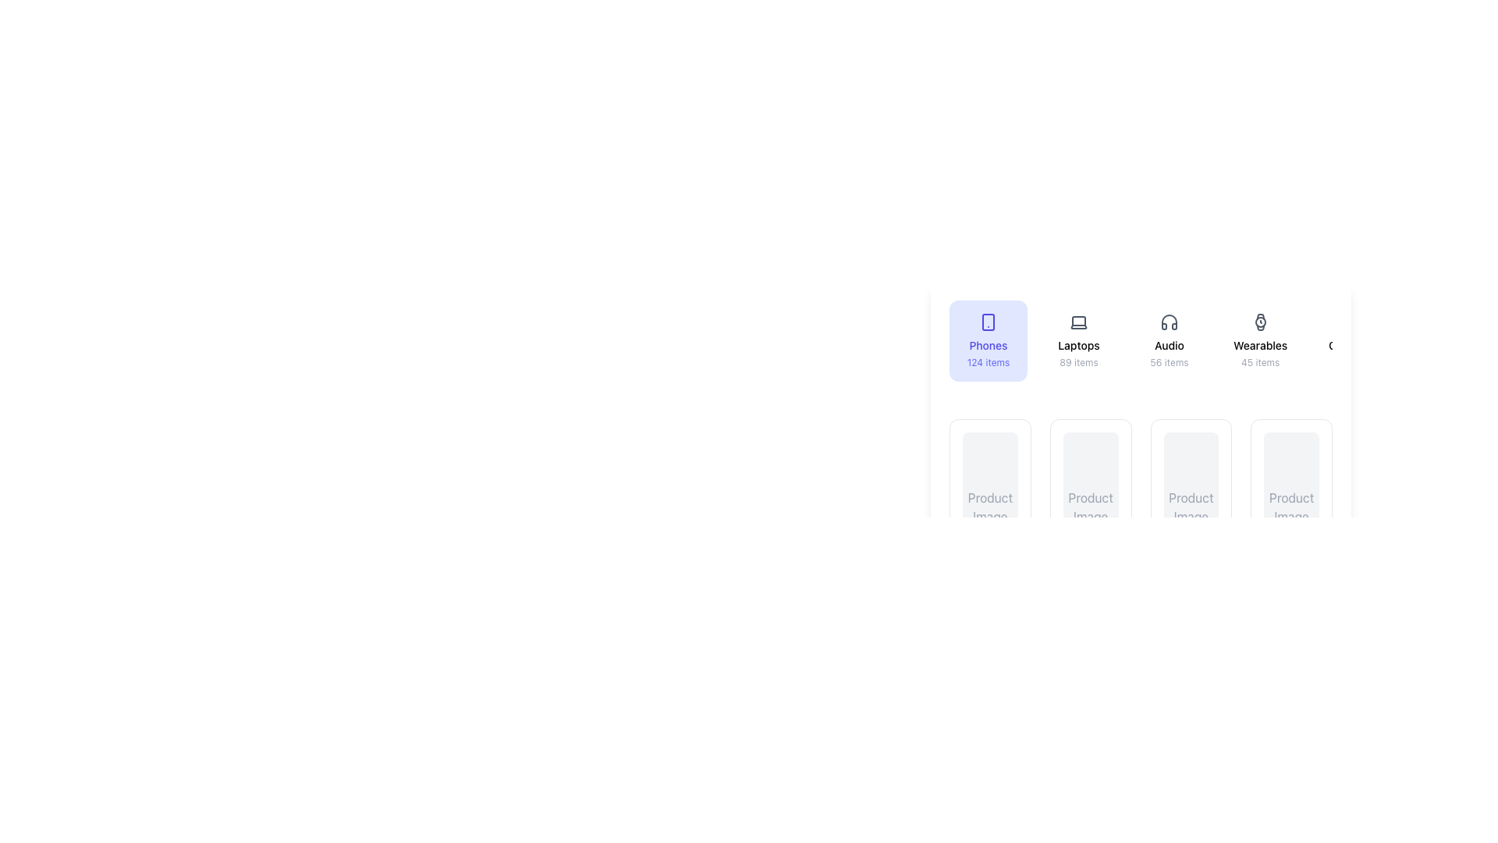 Image resolution: width=1498 pixels, height=843 pixels. I want to click on SVG Circle element, which is a circular graphic with a radius of 6 units, centrally positioned within the watch icon for debugging purposes, so click(1260, 321).